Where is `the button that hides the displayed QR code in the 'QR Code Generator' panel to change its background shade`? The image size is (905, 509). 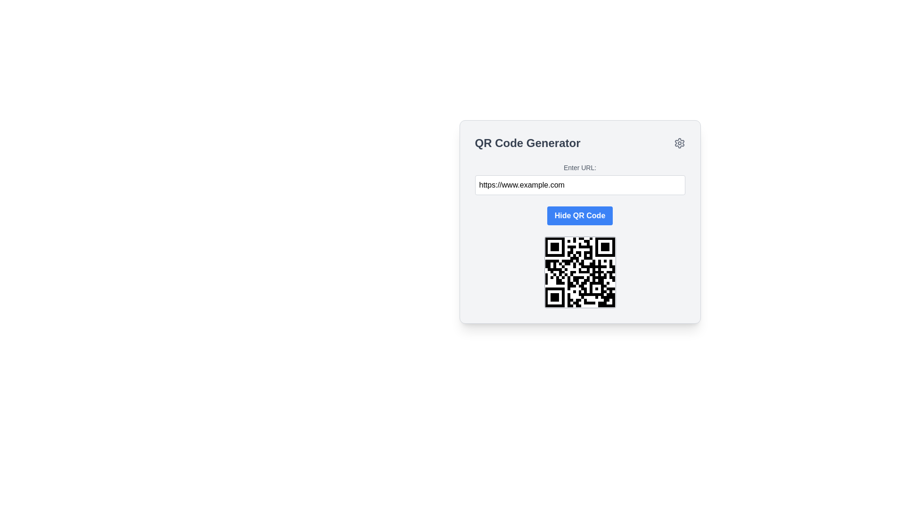
the button that hides the displayed QR code in the 'QR Code Generator' panel to change its background shade is located at coordinates (579, 216).